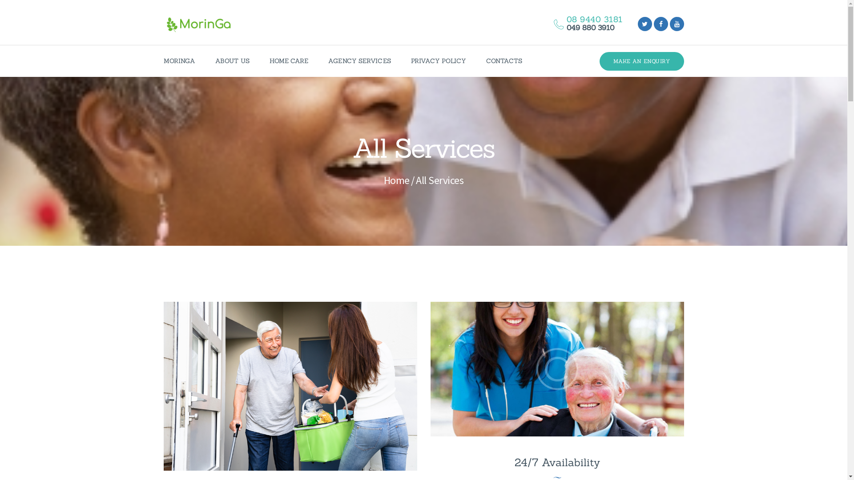 The width and height of the screenshot is (854, 480). What do you see at coordinates (438, 61) in the screenshot?
I see `'PRIVACY POLICY'` at bounding box center [438, 61].